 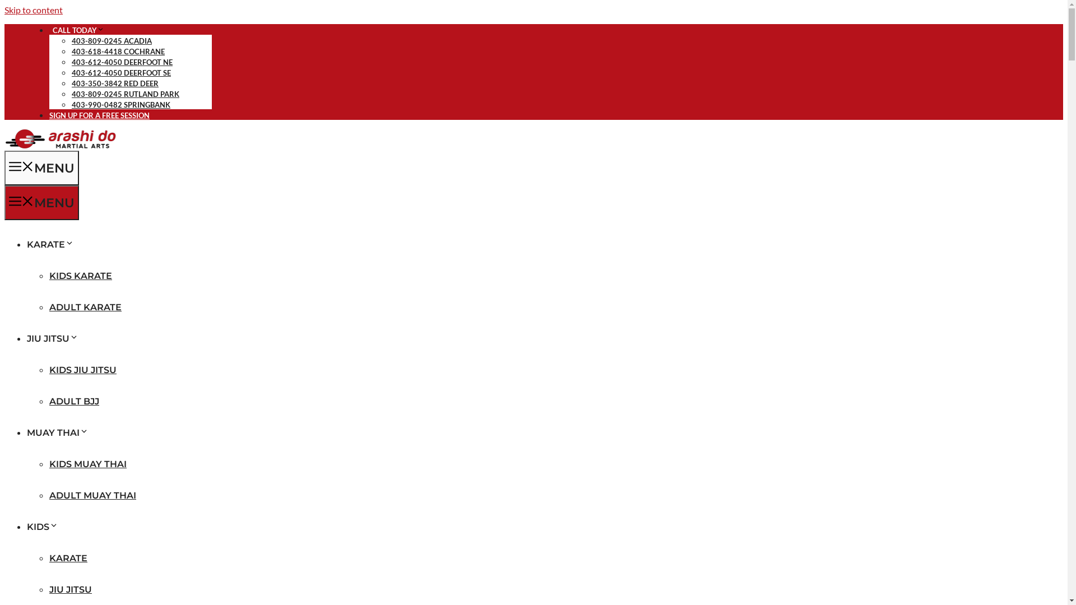 What do you see at coordinates (85, 307) in the screenshot?
I see `'ADULT KARATE'` at bounding box center [85, 307].